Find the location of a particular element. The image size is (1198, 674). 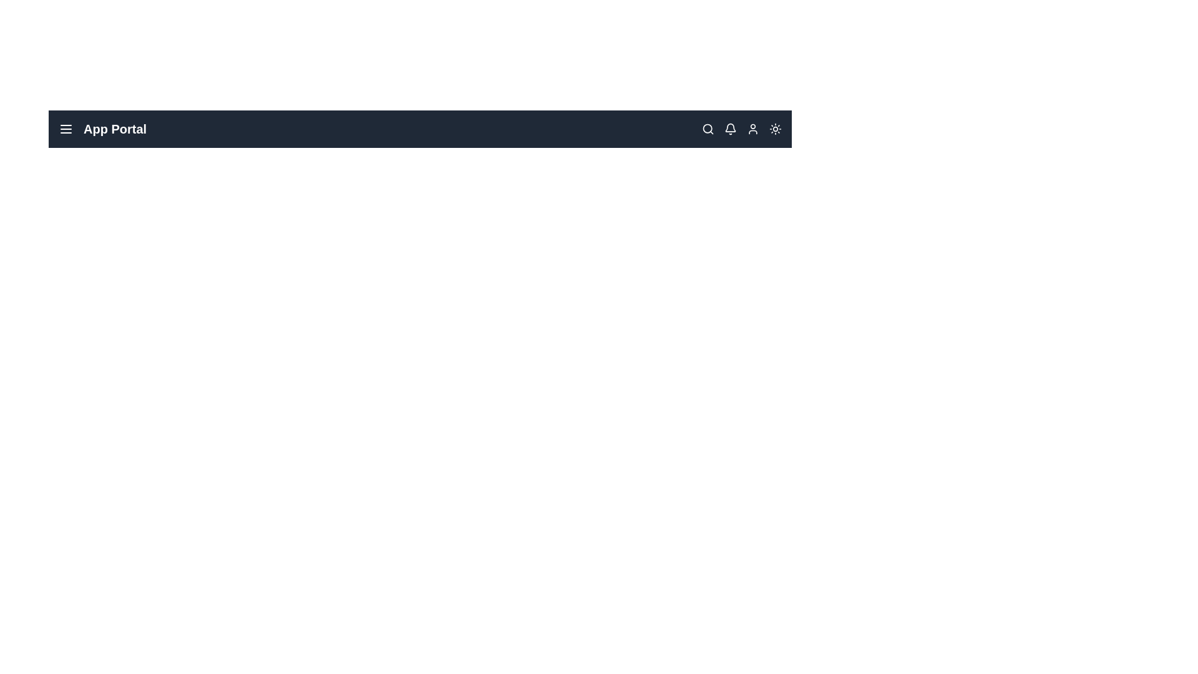

the menu icon to toggle the menu visibility is located at coordinates (65, 129).